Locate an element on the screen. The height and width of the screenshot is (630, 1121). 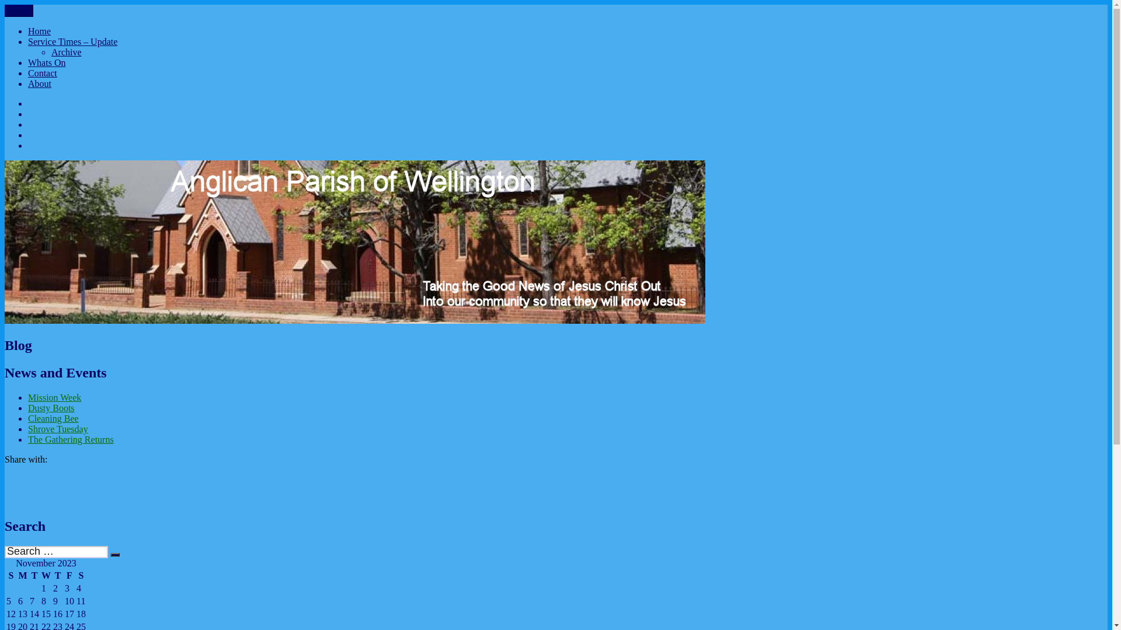
'Whats On' is located at coordinates (28, 62).